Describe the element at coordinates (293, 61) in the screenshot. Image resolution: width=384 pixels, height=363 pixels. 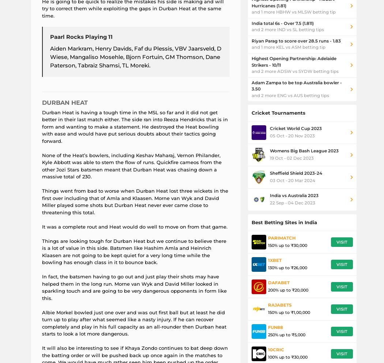
I see `'Highest Opening Partnership: Adelaide Strikers - 10/11'` at that location.